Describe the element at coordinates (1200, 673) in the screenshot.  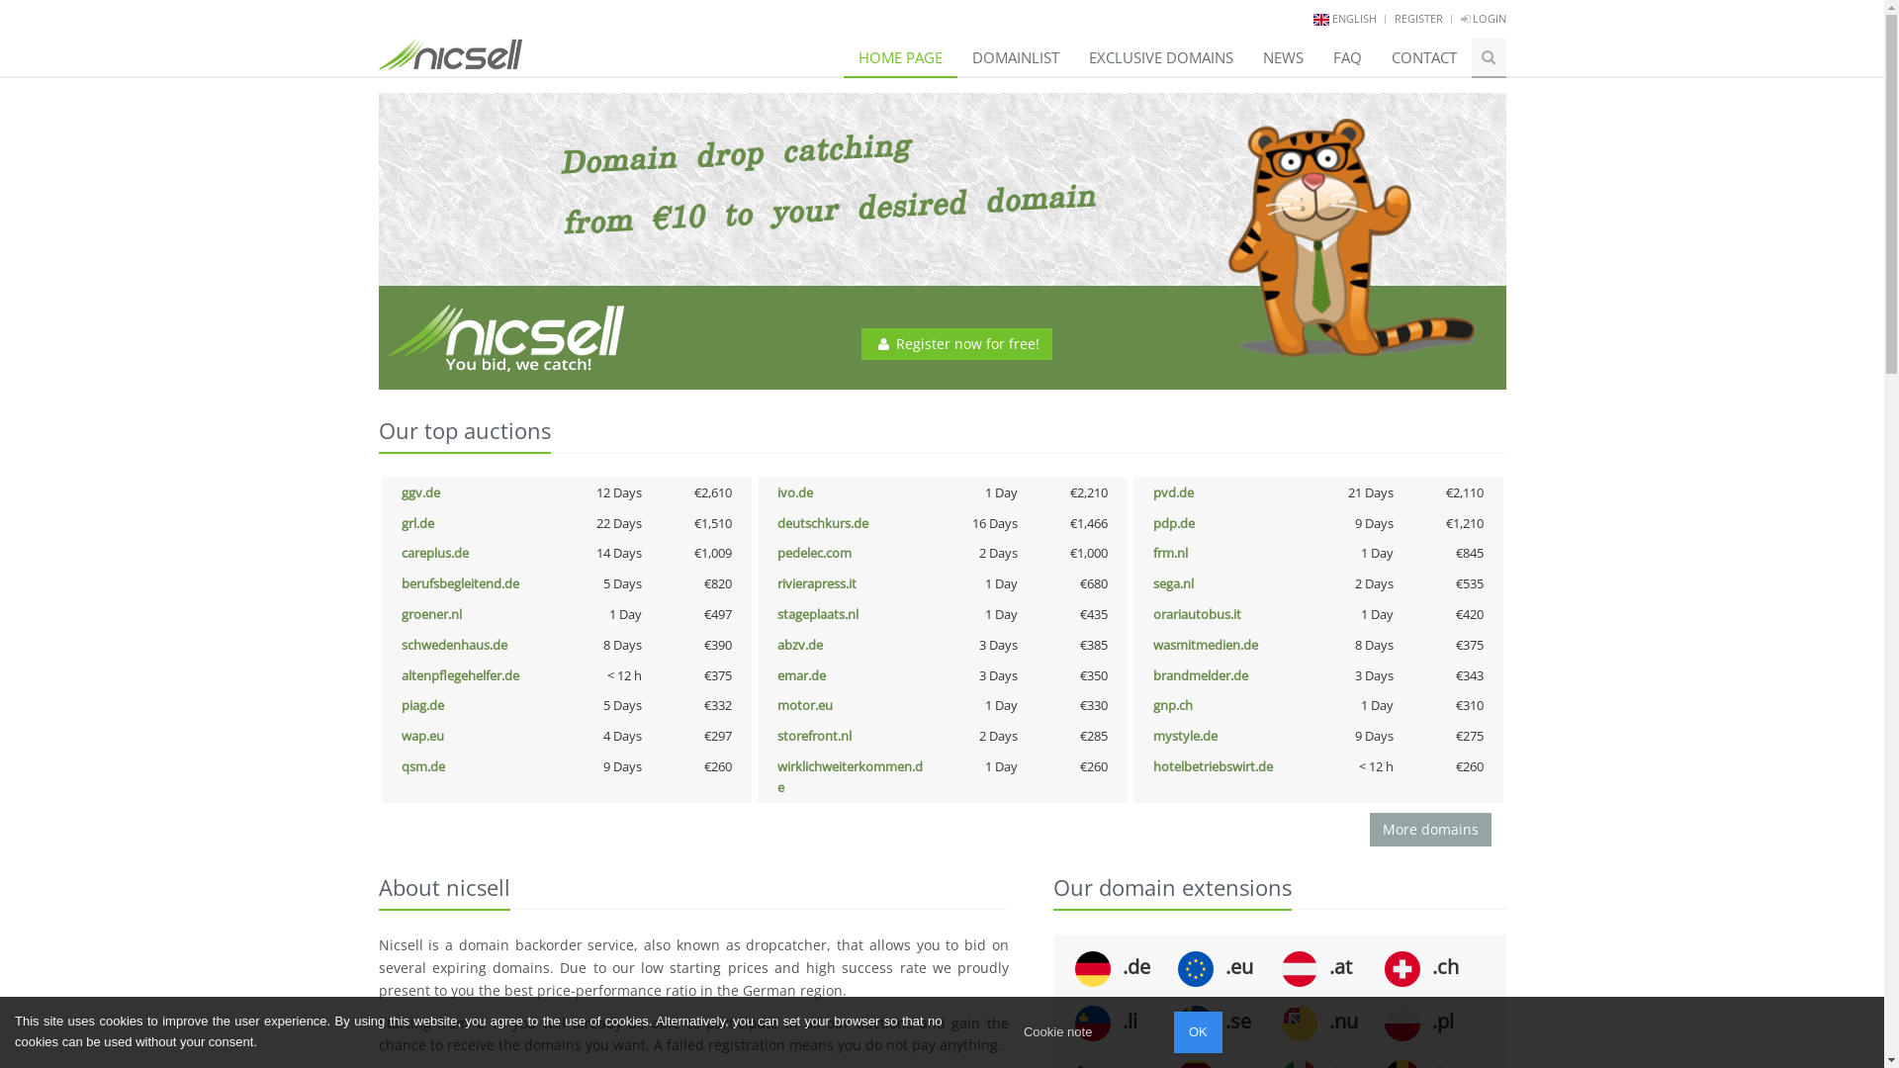
I see `'brandmelder.de'` at that location.